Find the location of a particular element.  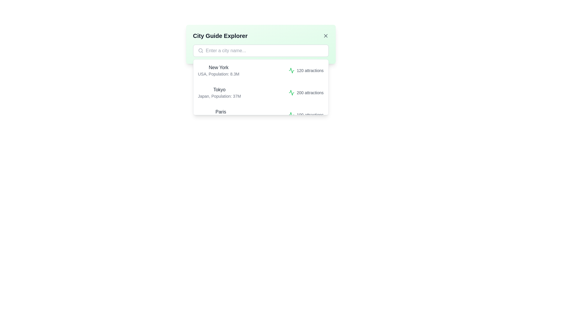

the text label providing information about Tokyo's country and population, which is located directly beneath the city name 'Tokyo' in the interface is located at coordinates (219, 96).